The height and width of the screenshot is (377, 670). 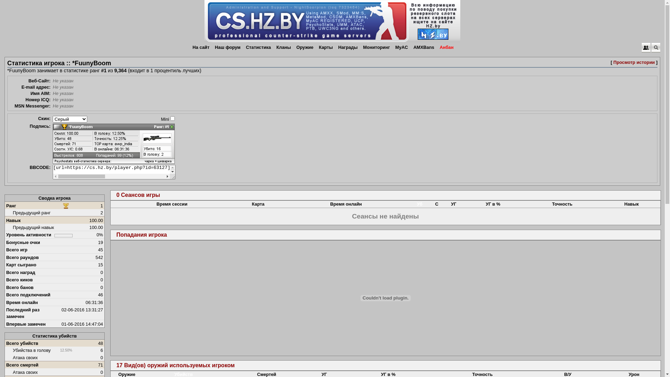 What do you see at coordinates (641, 47) in the screenshot?
I see `'Quick Login Popup'` at bounding box center [641, 47].